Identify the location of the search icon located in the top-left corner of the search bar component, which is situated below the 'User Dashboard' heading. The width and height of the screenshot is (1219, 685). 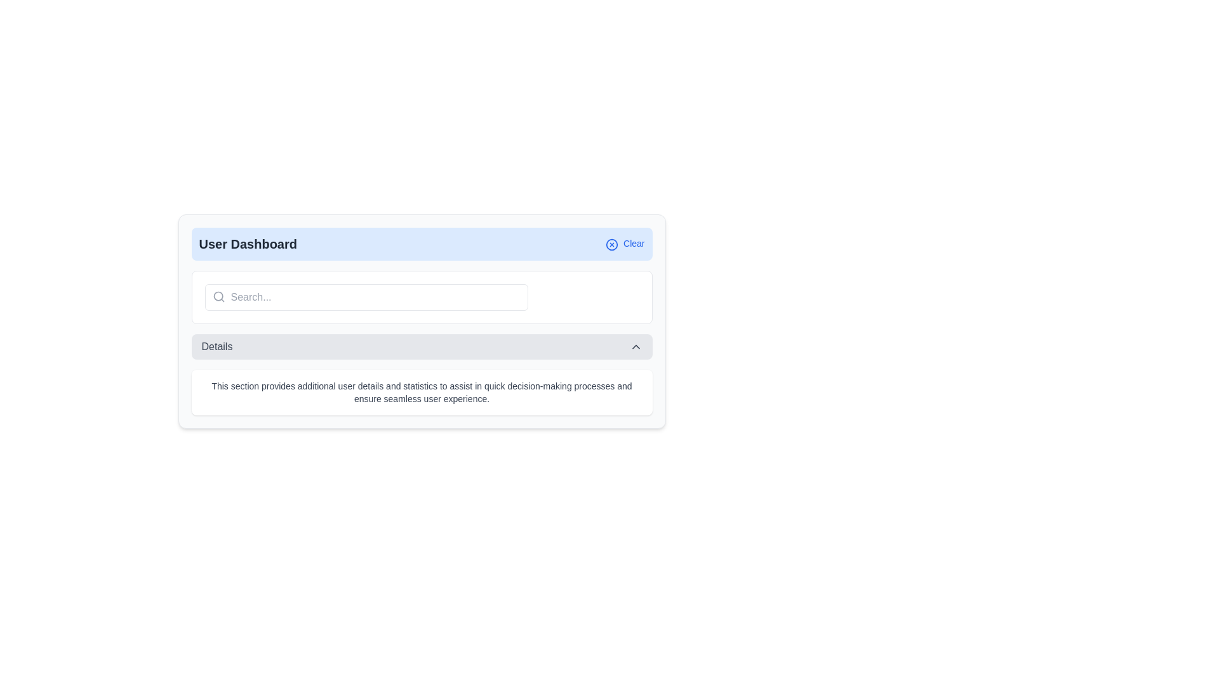
(218, 296).